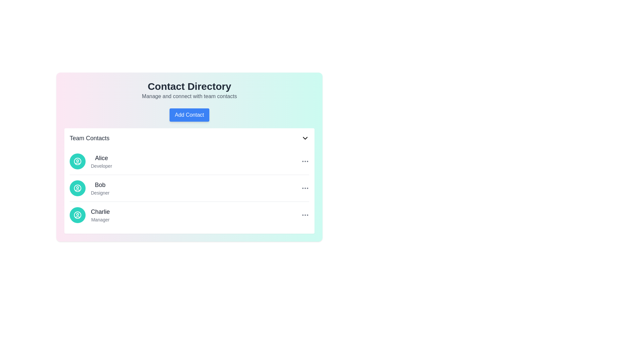  Describe the element at coordinates (78, 188) in the screenshot. I see `the circular icon with a teal background and white user silhouette symbol, located in the 'Team Contacts' section, second in the list next to 'Bob' and 'Designer'` at that location.